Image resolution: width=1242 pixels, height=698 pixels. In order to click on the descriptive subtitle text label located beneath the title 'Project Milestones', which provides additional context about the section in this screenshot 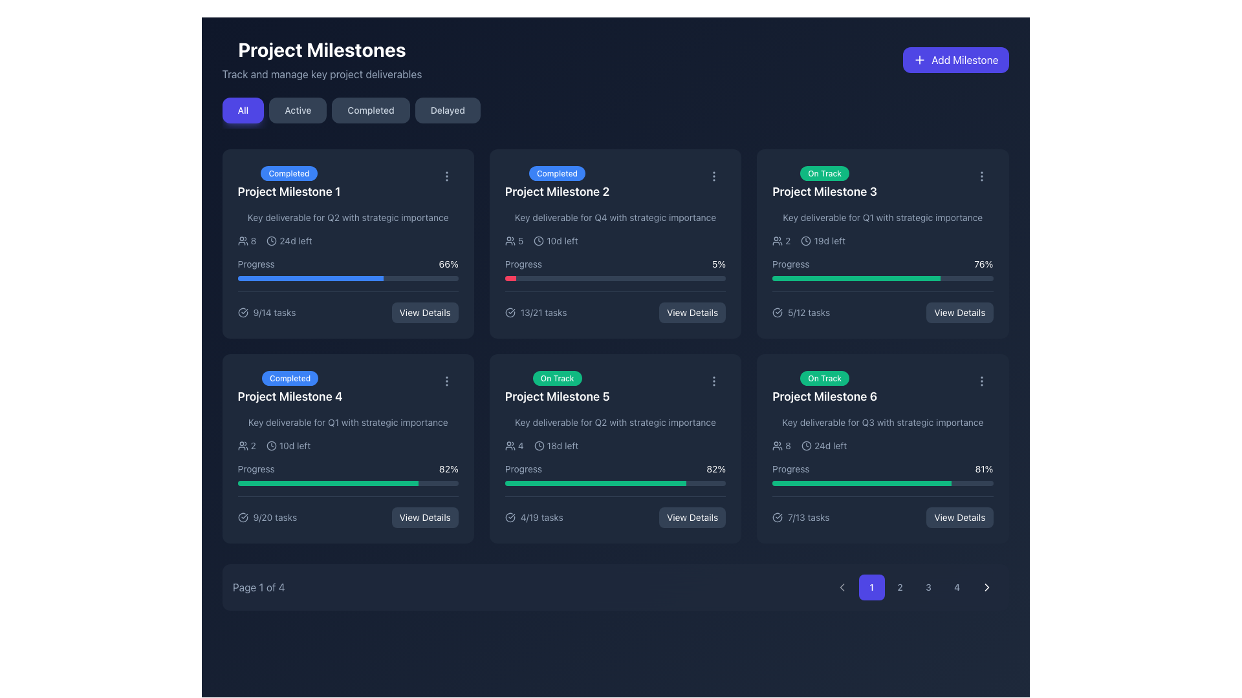, I will do `click(321, 74)`.